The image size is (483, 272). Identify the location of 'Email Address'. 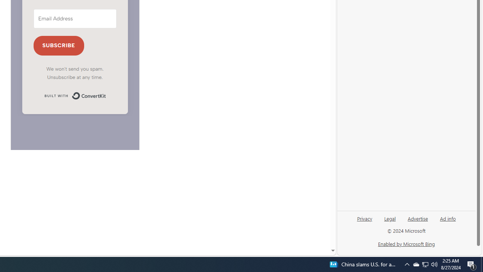
(75, 18).